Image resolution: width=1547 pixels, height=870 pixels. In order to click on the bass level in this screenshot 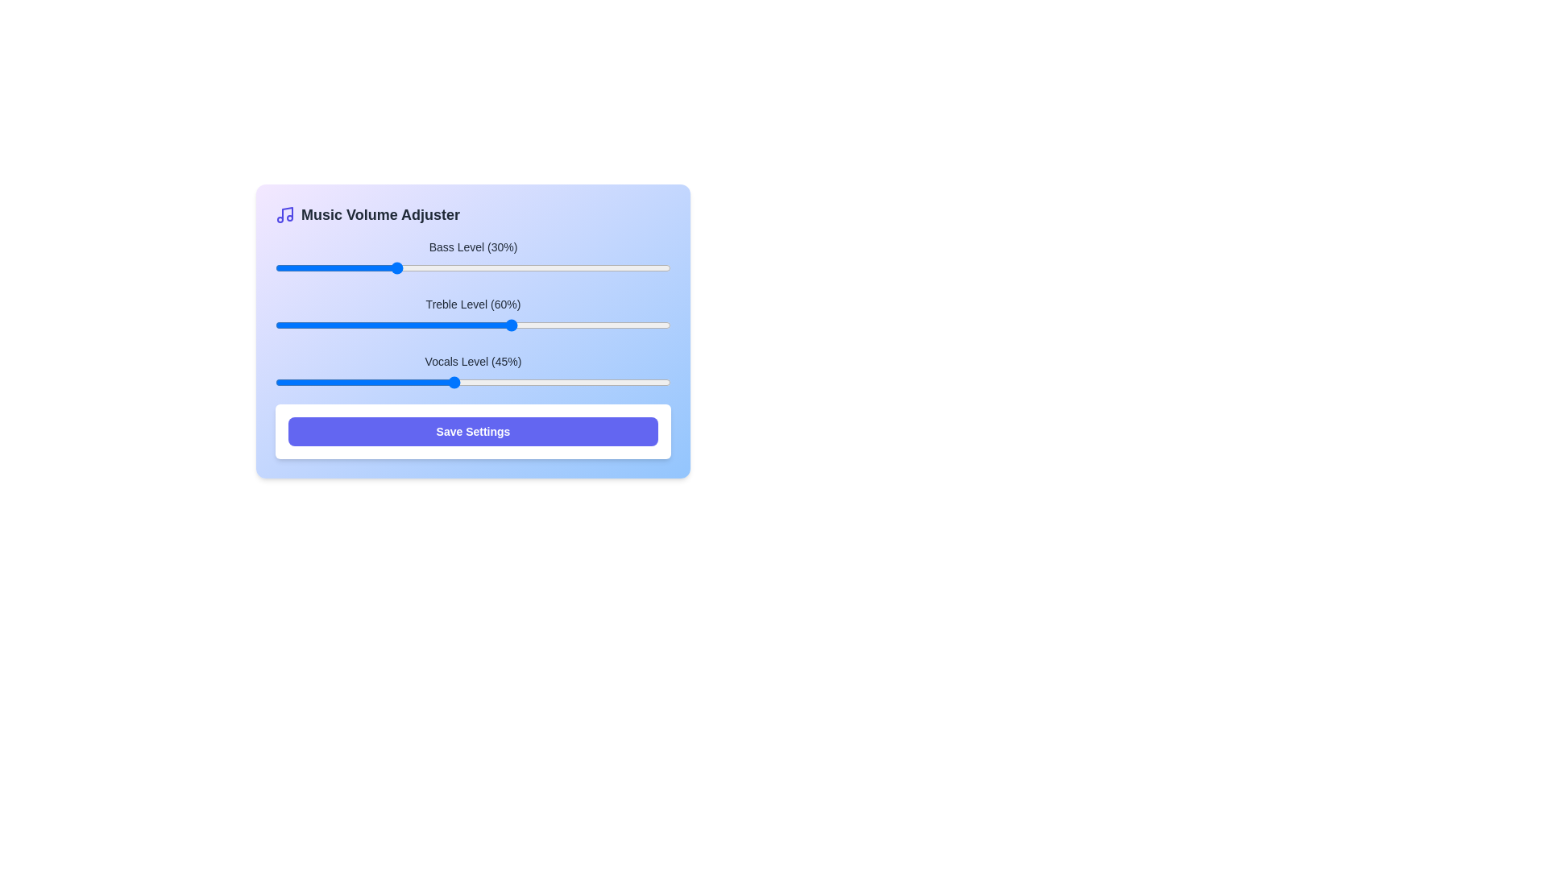, I will do `click(595, 267)`.